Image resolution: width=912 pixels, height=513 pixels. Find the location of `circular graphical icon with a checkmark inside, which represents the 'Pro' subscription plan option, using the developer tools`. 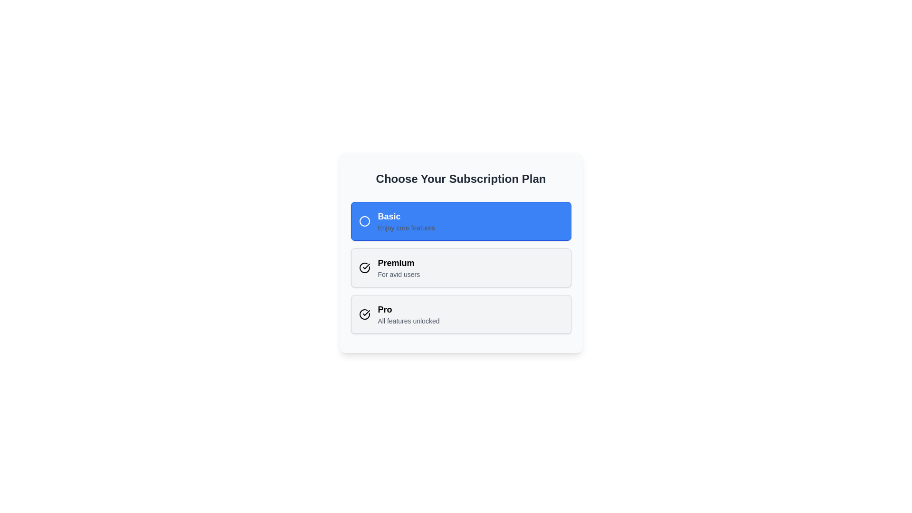

circular graphical icon with a checkmark inside, which represents the 'Pro' subscription plan option, using the developer tools is located at coordinates (364, 267).